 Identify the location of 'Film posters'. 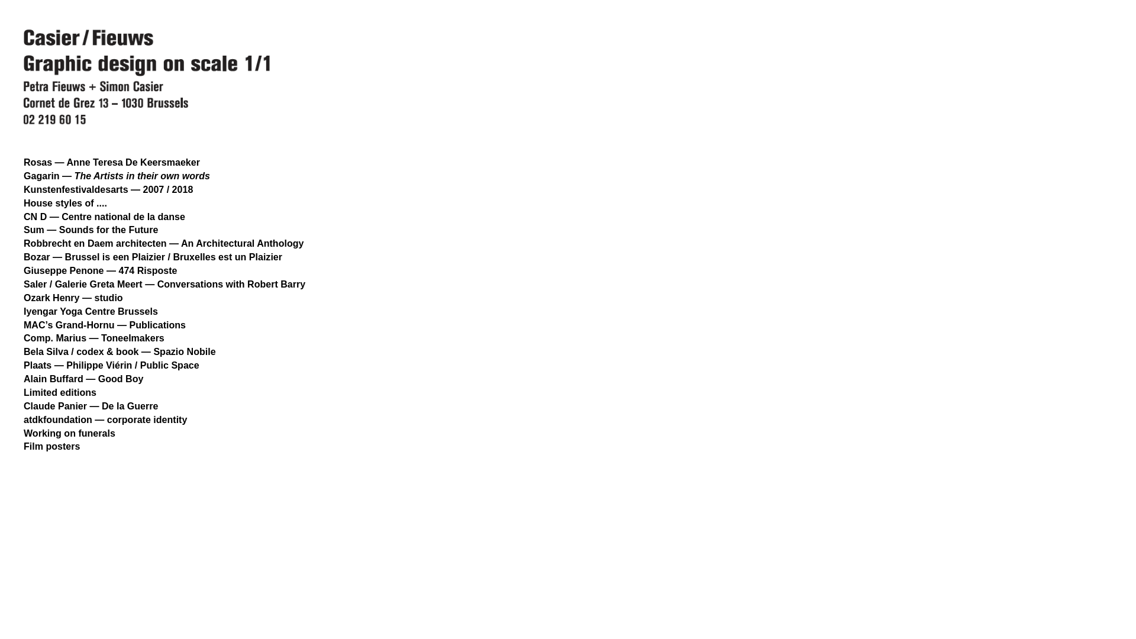
(23, 446).